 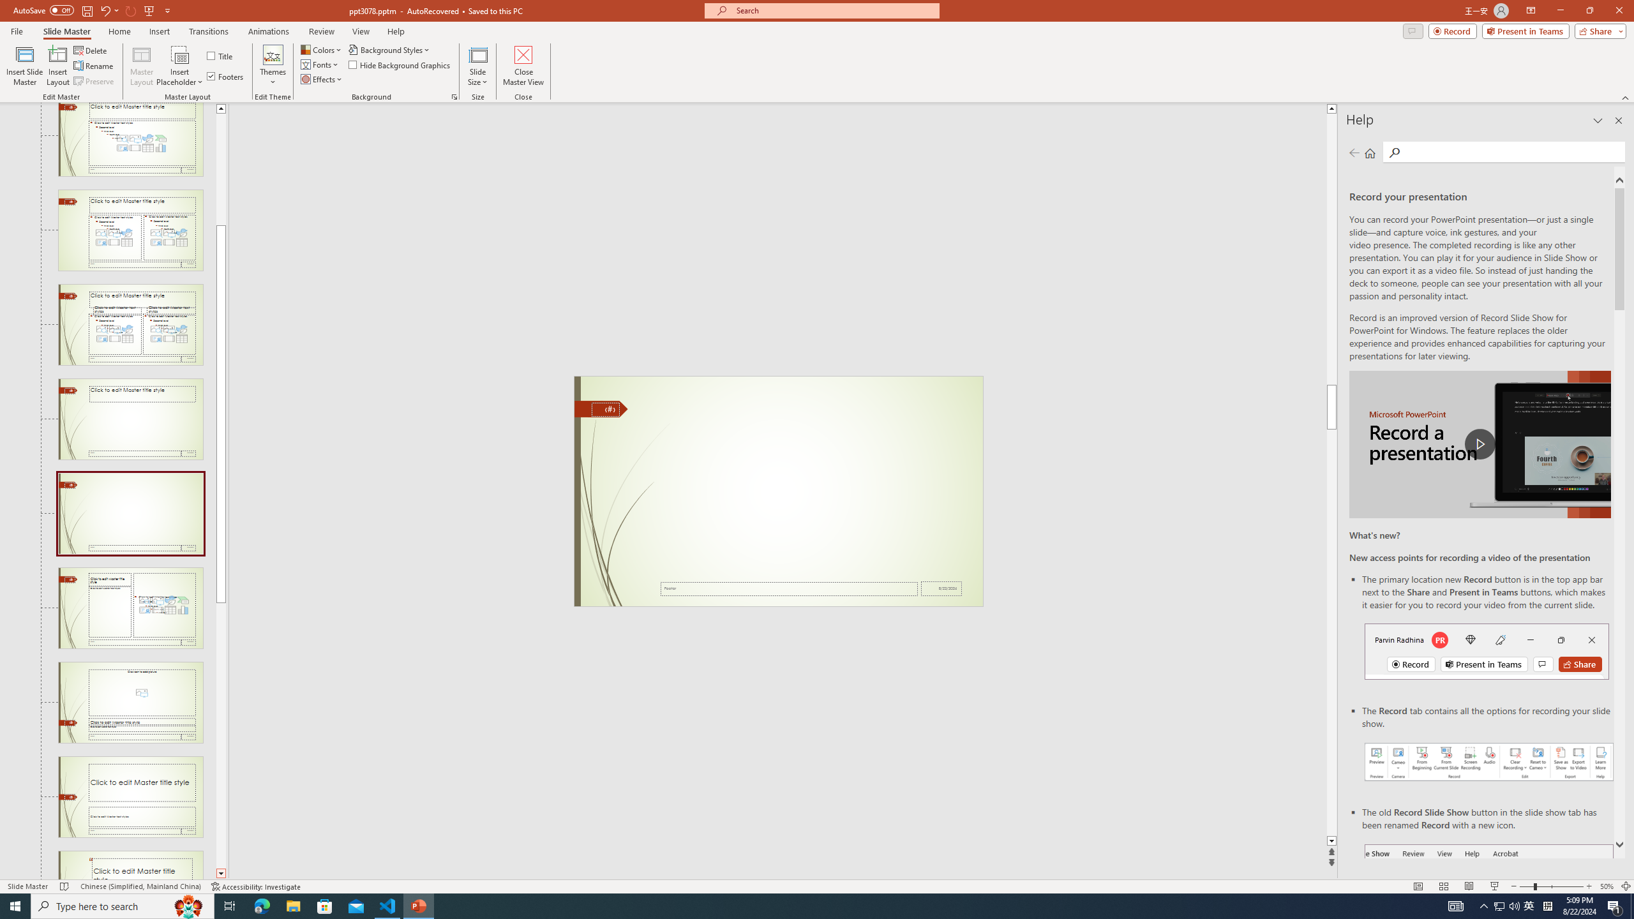 I want to click on 'View', so click(x=361, y=31).